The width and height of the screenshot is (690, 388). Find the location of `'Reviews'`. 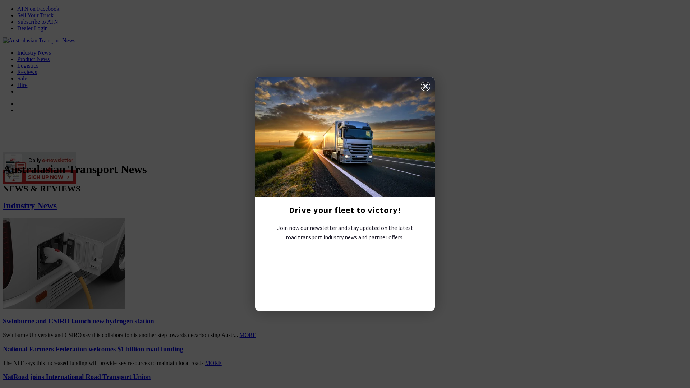

'Reviews' is located at coordinates (17, 72).